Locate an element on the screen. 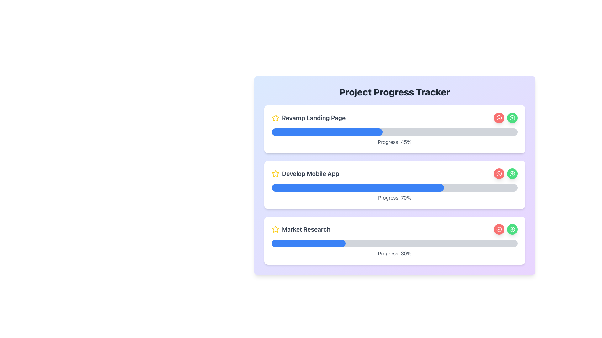 This screenshot has height=338, width=602. the red circular button with a white downward arrow icon located beside the green circular button, which is part of the action buttons group near the 'Market Research' progress bar is located at coordinates (499, 229).